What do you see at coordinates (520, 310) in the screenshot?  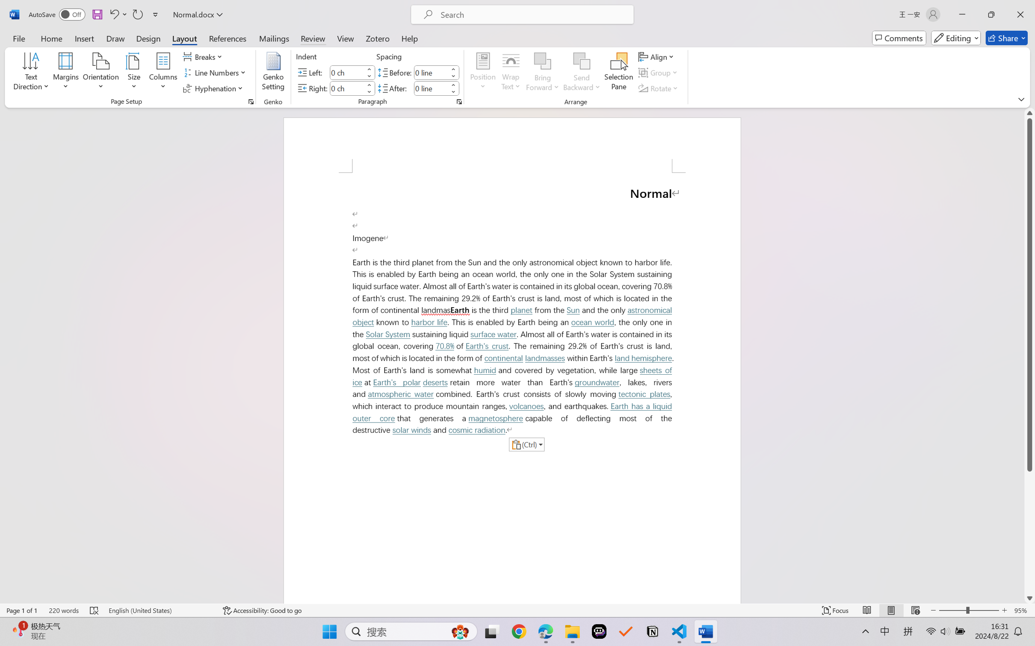 I see `'planet'` at bounding box center [520, 310].